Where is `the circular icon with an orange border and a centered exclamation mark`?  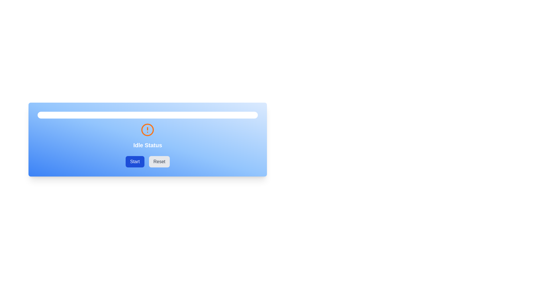 the circular icon with an orange border and a centered exclamation mark is located at coordinates (148, 130).